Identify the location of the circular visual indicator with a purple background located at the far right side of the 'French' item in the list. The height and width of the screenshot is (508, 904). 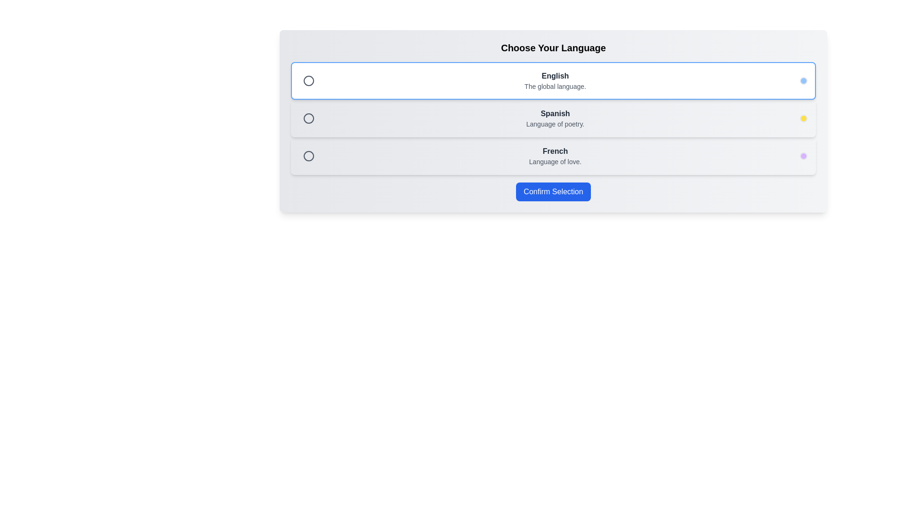
(803, 155).